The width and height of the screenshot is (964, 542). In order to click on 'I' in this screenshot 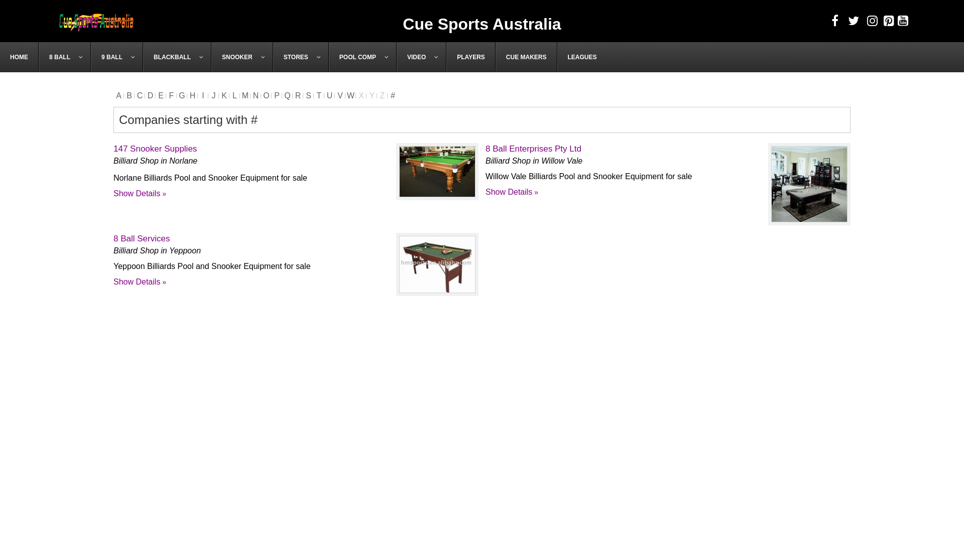, I will do `click(202, 95)`.